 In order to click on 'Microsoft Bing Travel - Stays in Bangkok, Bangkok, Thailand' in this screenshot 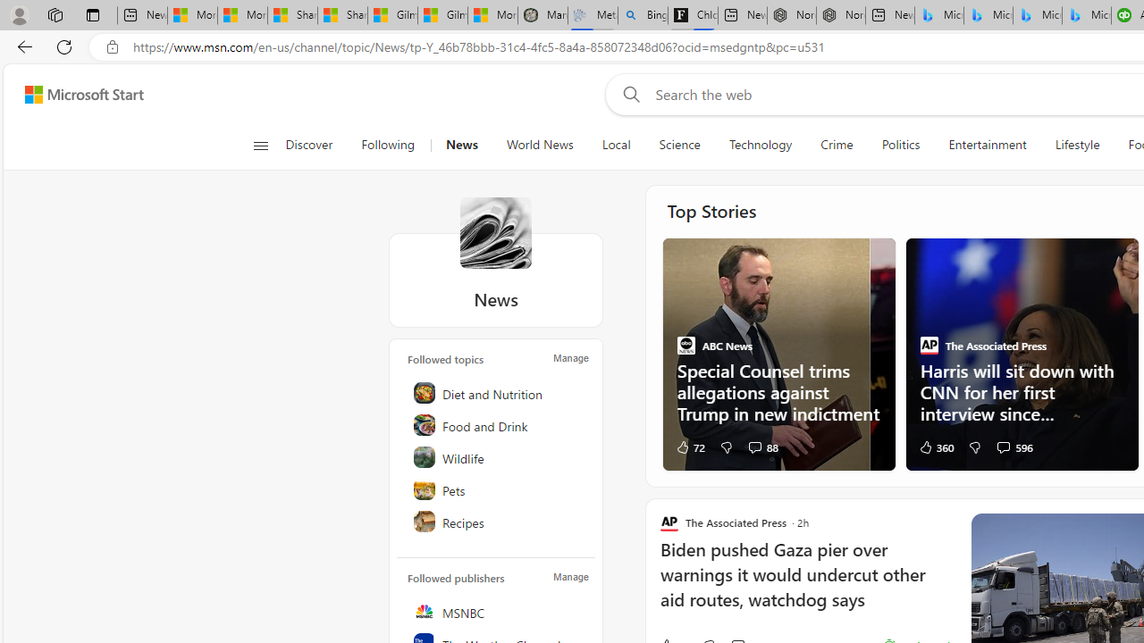, I will do `click(987, 15)`.